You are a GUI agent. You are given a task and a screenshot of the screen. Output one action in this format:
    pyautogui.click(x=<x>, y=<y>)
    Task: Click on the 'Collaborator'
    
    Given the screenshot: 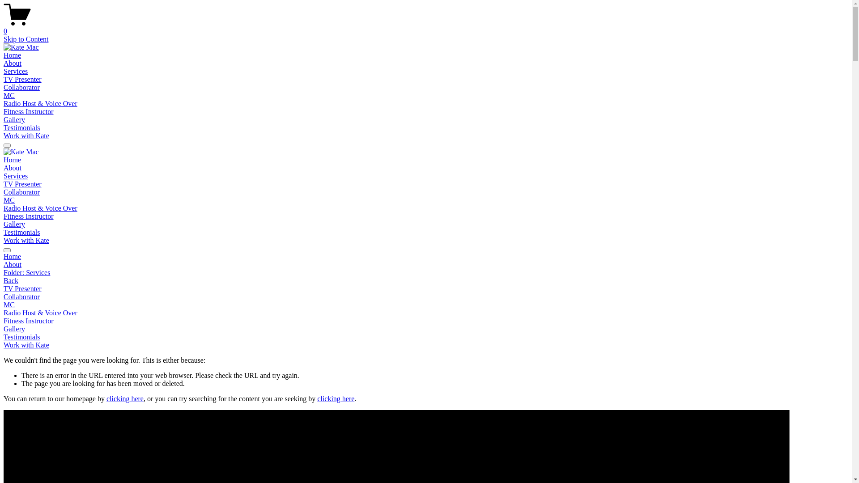 What is the action you would take?
    pyautogui.click(x=4, y=191)
    